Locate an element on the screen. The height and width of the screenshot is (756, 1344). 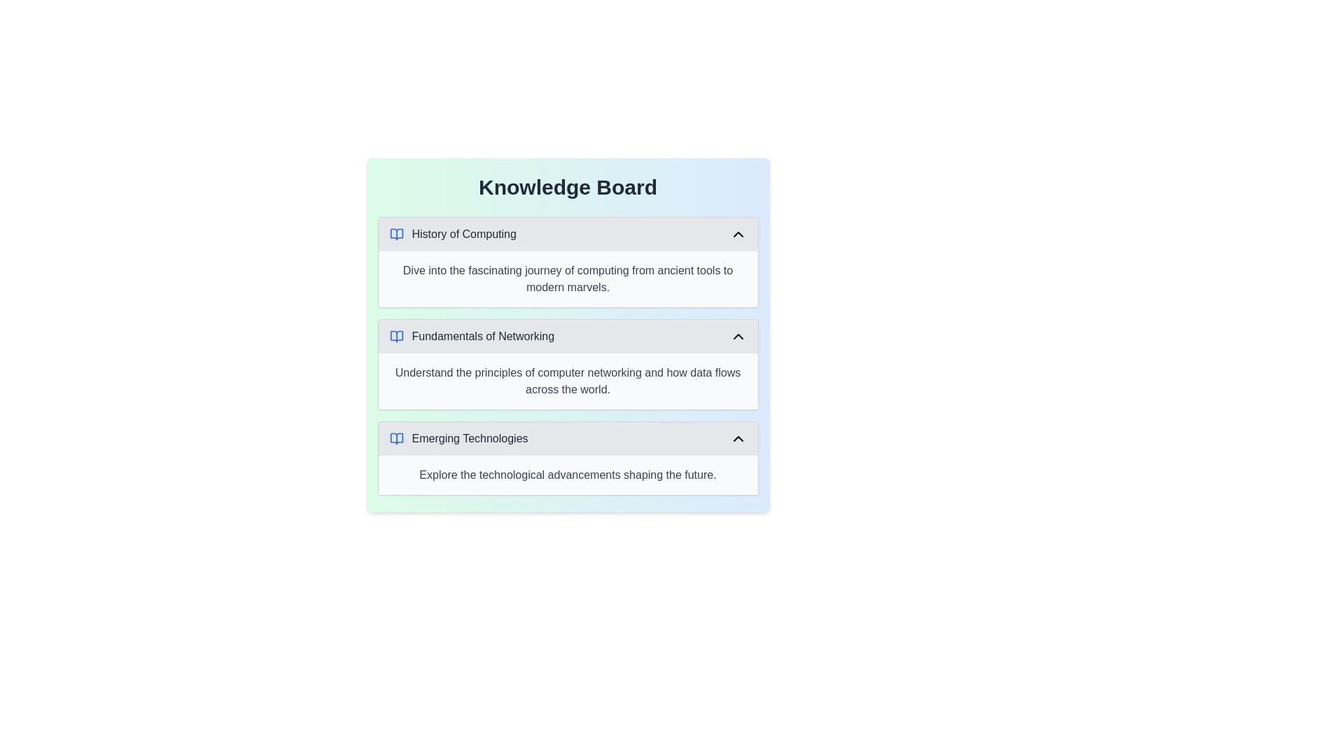
the text label that serves as the title for a collapsible section in the Knowledge Board is located at coordinates (463, 234).